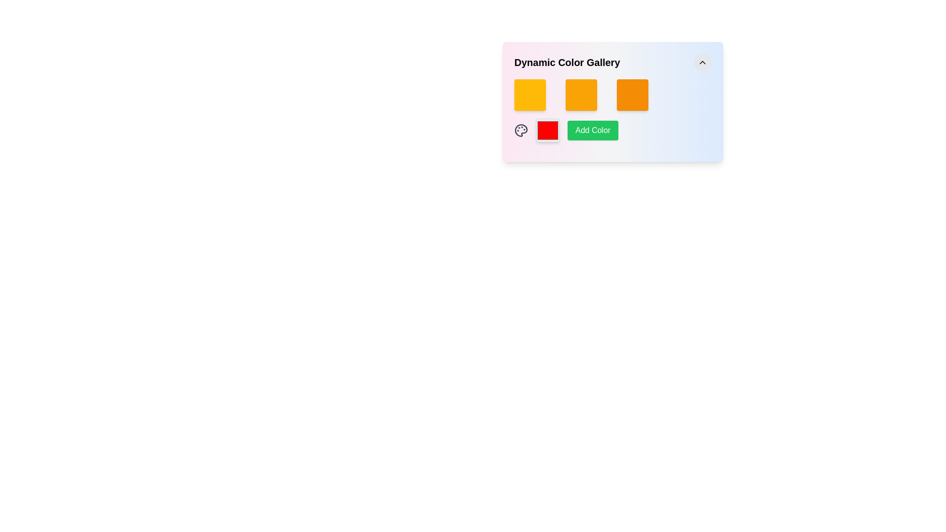  What do you see at coordinates (529, 95) in the screenshot?
I see `the color swatch located` at bounding box center [529, 95].